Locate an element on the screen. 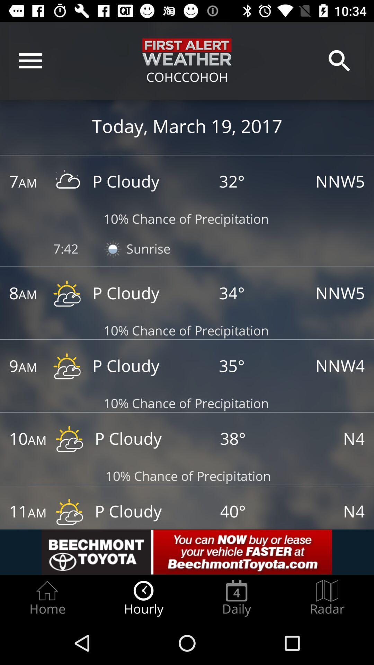  advertisement is located at coordinates (187, 552).